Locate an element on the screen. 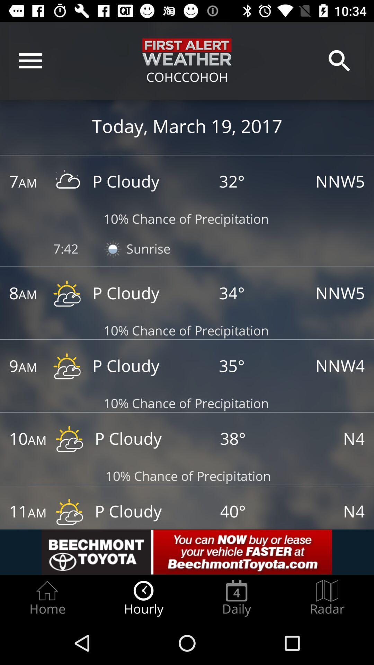  advertisement is located at coordinates (187, 552).